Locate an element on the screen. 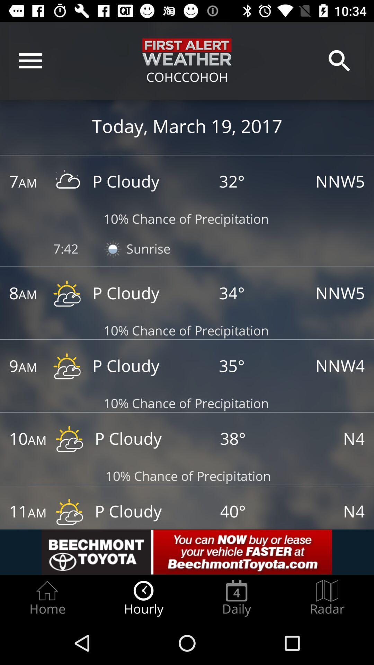  advertisement is located at coordinates (187, 552).